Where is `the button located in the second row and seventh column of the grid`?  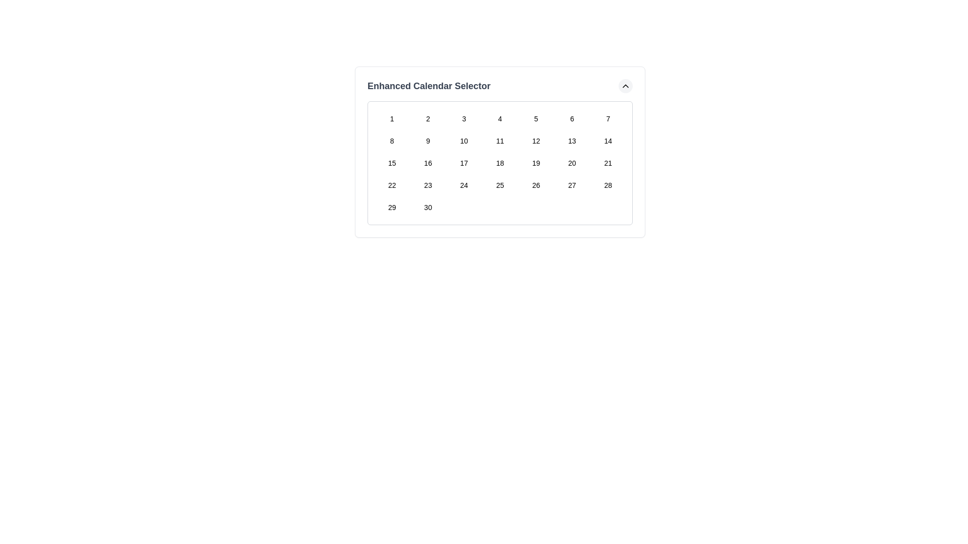
the button located in the second row and seventh column of the grid is located at coordinates (608, 141).